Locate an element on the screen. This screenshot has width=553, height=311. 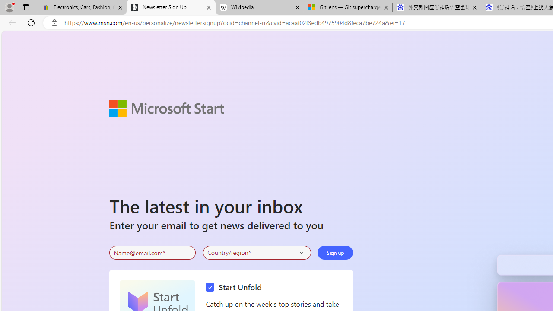
'Select your country' is located at coordinates (257, 253).